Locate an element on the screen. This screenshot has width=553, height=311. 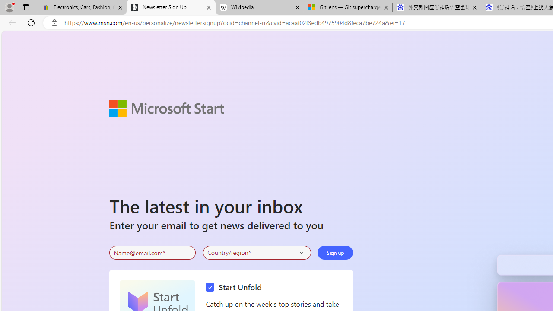
'Select your country' is located at coordinates (257, 253).